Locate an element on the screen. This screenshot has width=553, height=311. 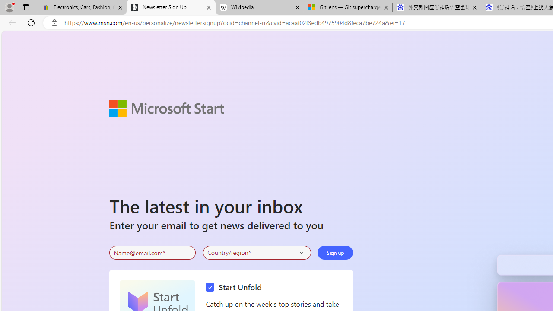
'Select your country' is located at coordinates (257, 253).